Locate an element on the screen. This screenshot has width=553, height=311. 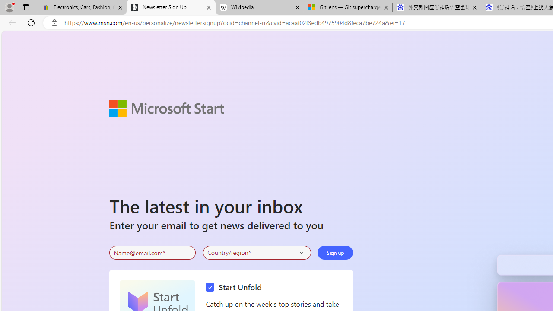
'Select your country' is located at coordinates (257, 253).